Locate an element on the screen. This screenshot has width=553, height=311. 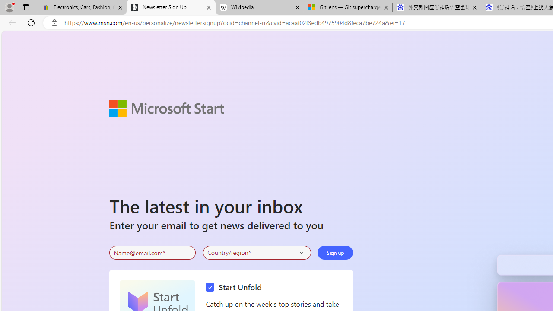
'Select your country' is located at coordinates (257, 253).